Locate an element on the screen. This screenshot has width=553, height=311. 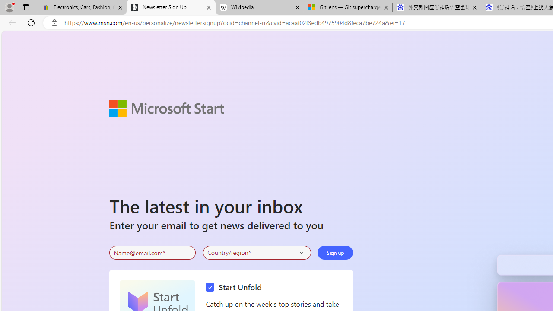
'Select your country' is located at coordinates (257, 253).